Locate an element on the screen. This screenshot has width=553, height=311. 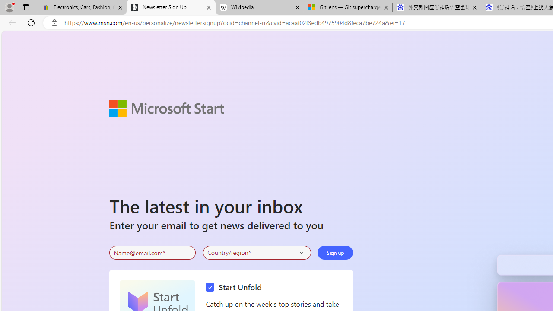
'Select your country' is located at coordinates (257, 253).